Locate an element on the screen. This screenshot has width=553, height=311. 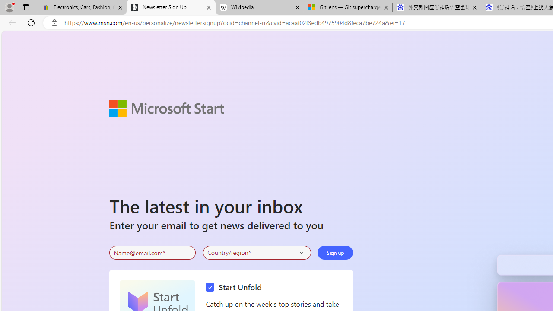
'Select your country' is located at coordinates (257, 253).